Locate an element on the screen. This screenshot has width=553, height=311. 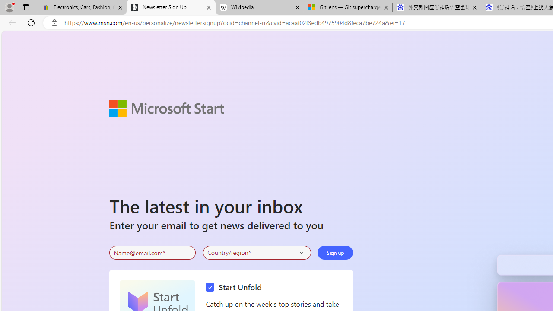
'Select your country' is located at coordinates (257, 253).